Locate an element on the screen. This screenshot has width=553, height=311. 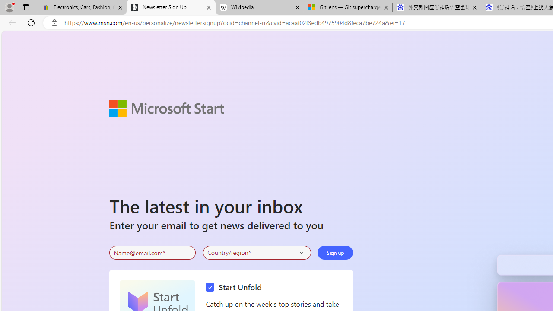
'Select your country' is located at coordinates (257, 253).